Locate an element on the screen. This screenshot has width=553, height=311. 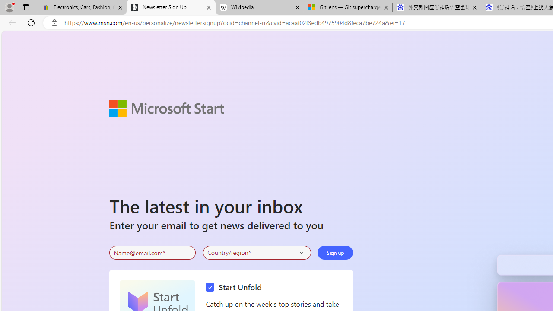
'Select your country' is located at coordinates (257, 253).